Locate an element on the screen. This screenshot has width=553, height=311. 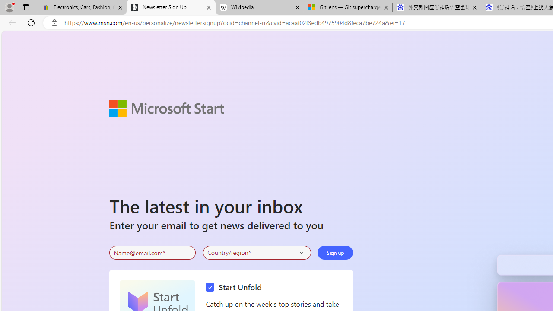
'Select your country' is located at coordinates (257, 253).